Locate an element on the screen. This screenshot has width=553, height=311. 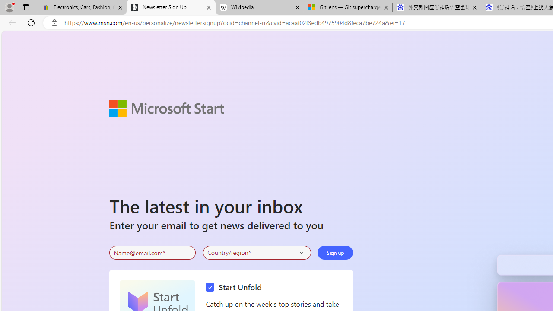
'Select your country' is located at coordinates (257, 253).